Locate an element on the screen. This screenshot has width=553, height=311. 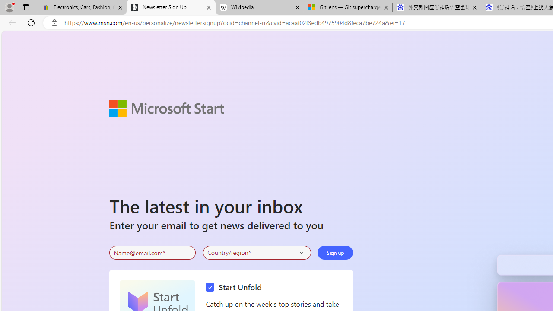
'Select your country' is located at coordinates (257, 253).